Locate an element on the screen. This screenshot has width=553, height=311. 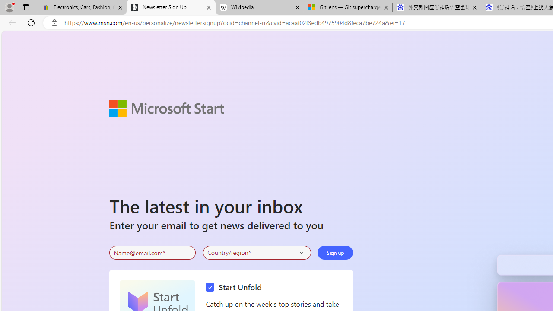
'Select your country' is located at coordinates (257, 253).